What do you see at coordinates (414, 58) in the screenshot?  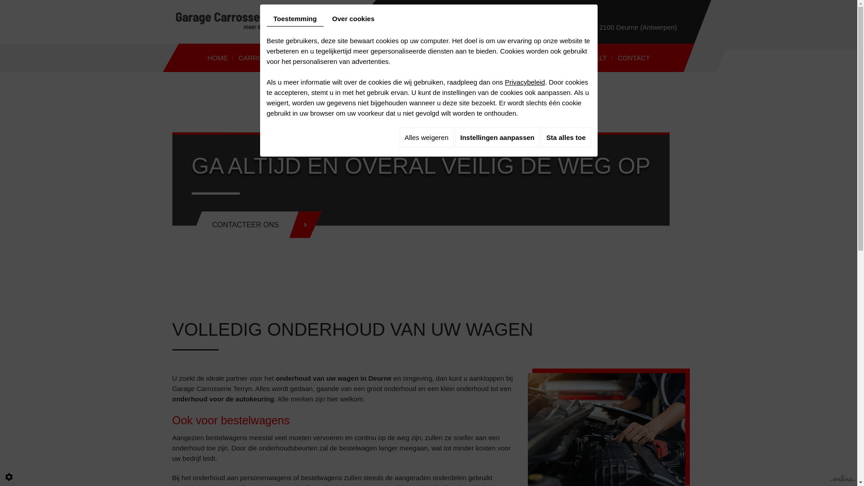 I see `'OPKUISEN KOPLAMPEN'` at bounding box center [414, 58].